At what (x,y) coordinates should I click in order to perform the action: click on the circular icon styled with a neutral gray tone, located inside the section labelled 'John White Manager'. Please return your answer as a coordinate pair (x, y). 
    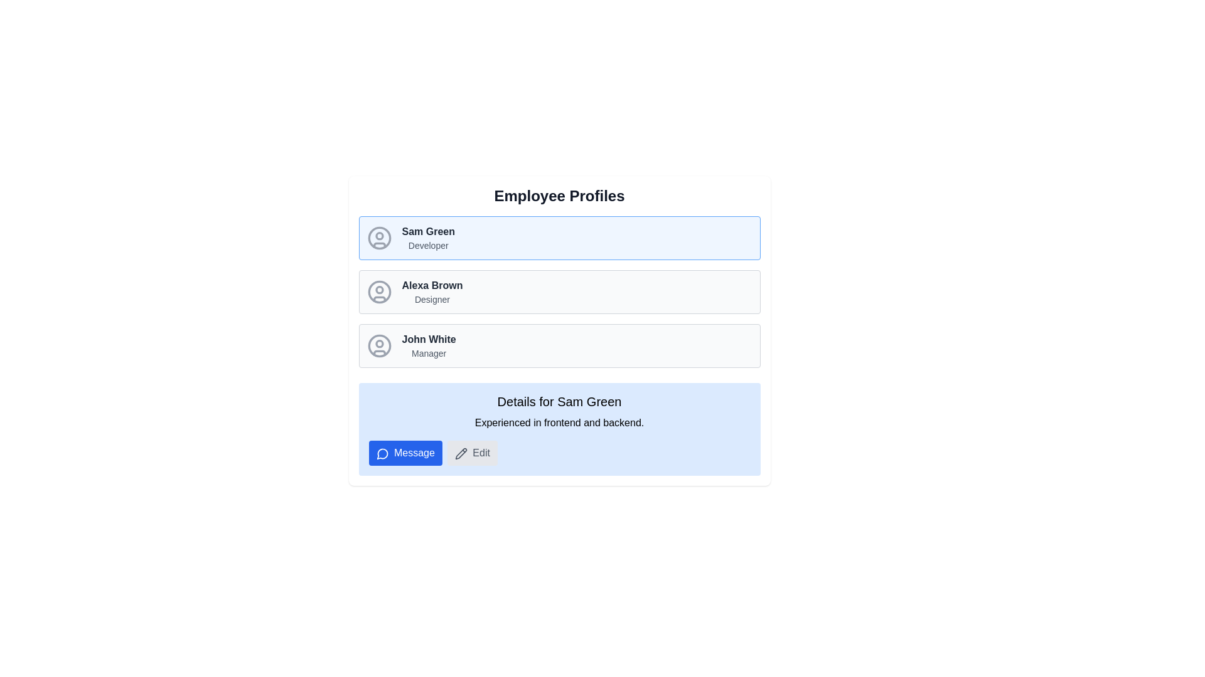
    Looking at the image, I should click on (378, 345).